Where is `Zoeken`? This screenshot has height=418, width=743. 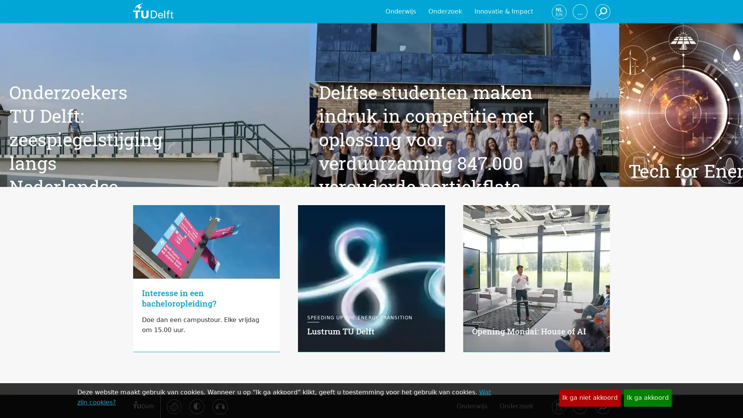 Zoeken is located at coordinates (602, 406).